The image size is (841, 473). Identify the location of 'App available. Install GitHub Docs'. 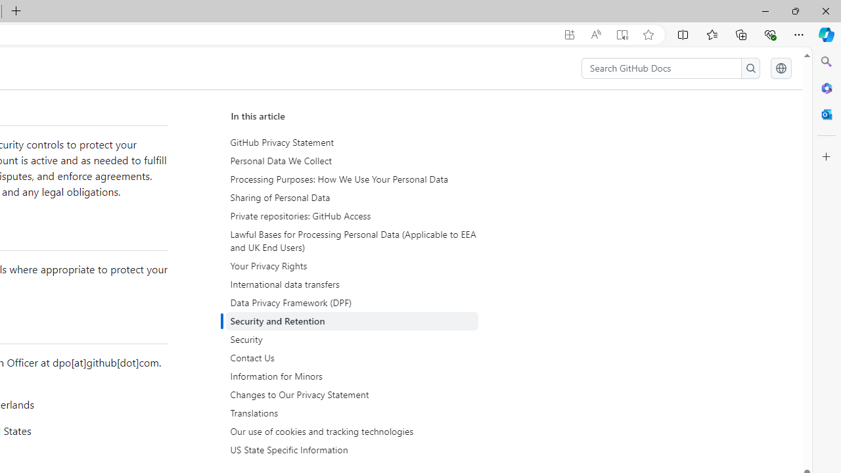
(570, 34).